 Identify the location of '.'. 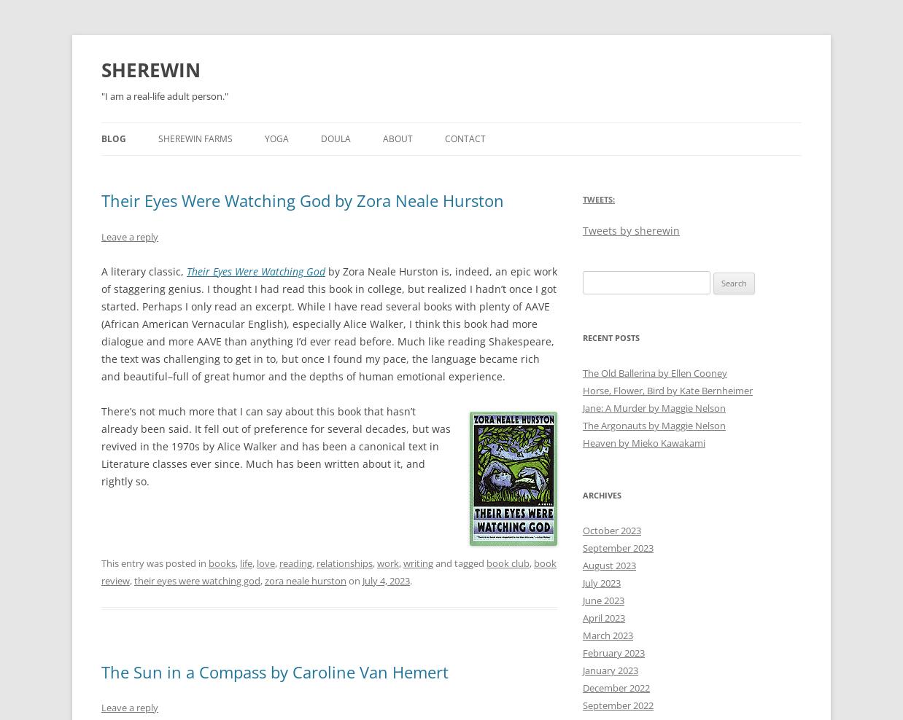
(411, 579).